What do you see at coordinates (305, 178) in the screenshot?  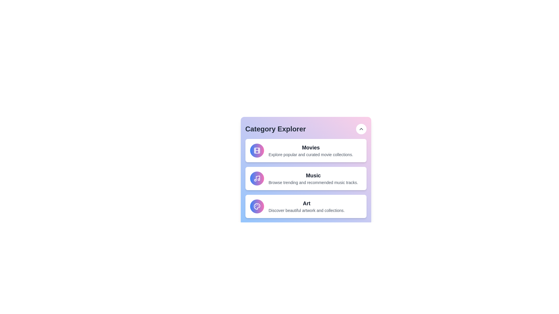 I see `the Music category list item` at bounding box center [305, 178].